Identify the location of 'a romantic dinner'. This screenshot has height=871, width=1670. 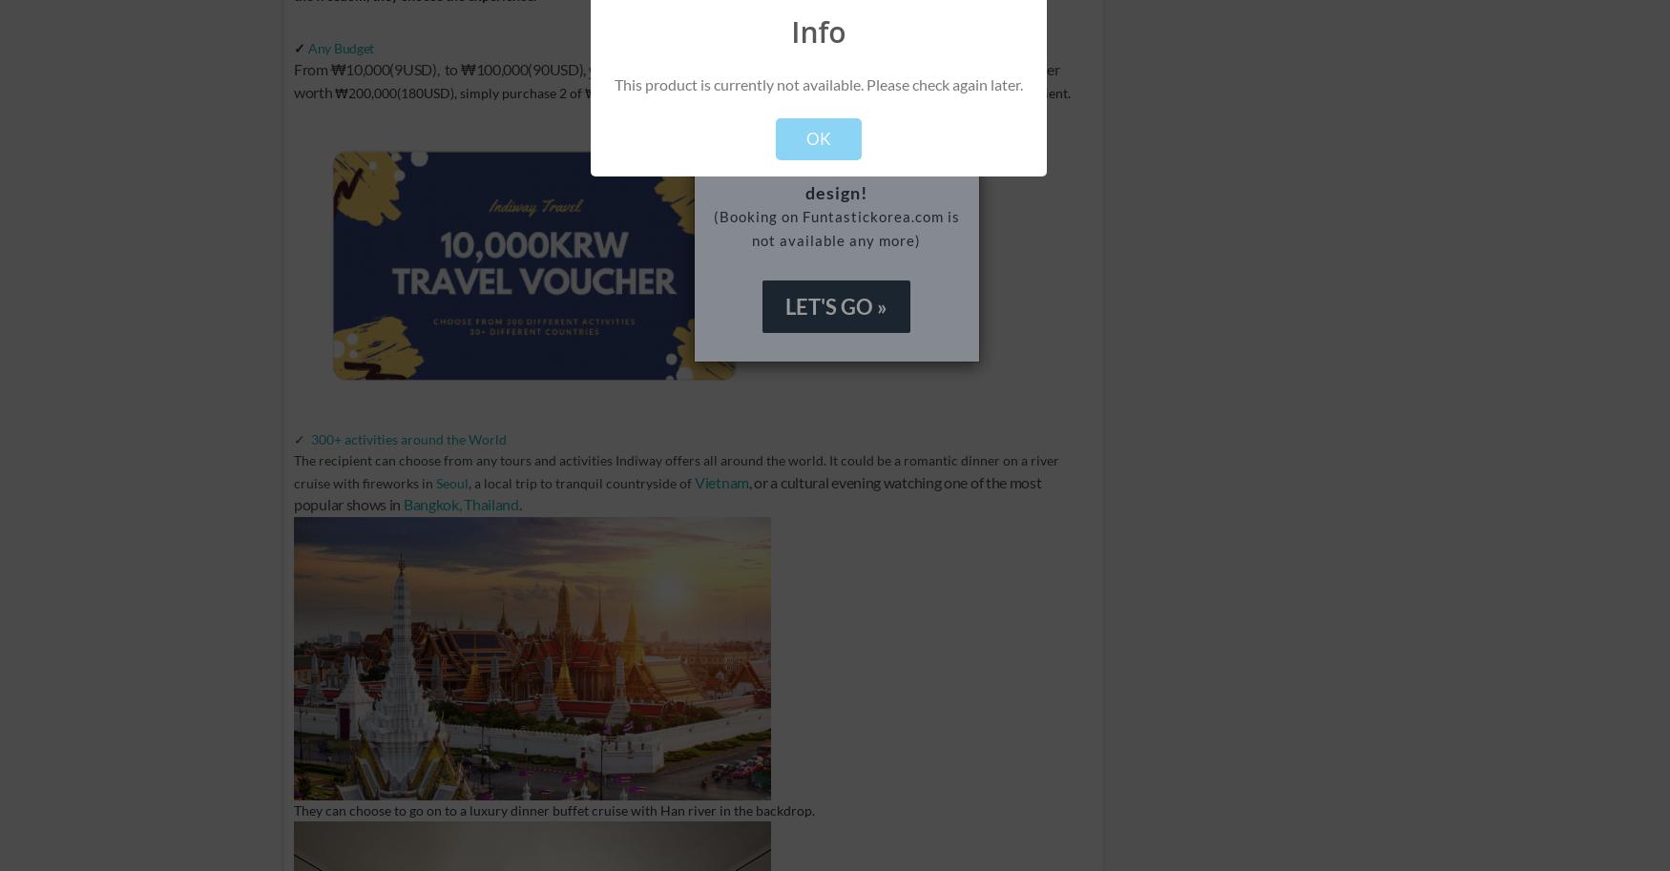
(947, 459).